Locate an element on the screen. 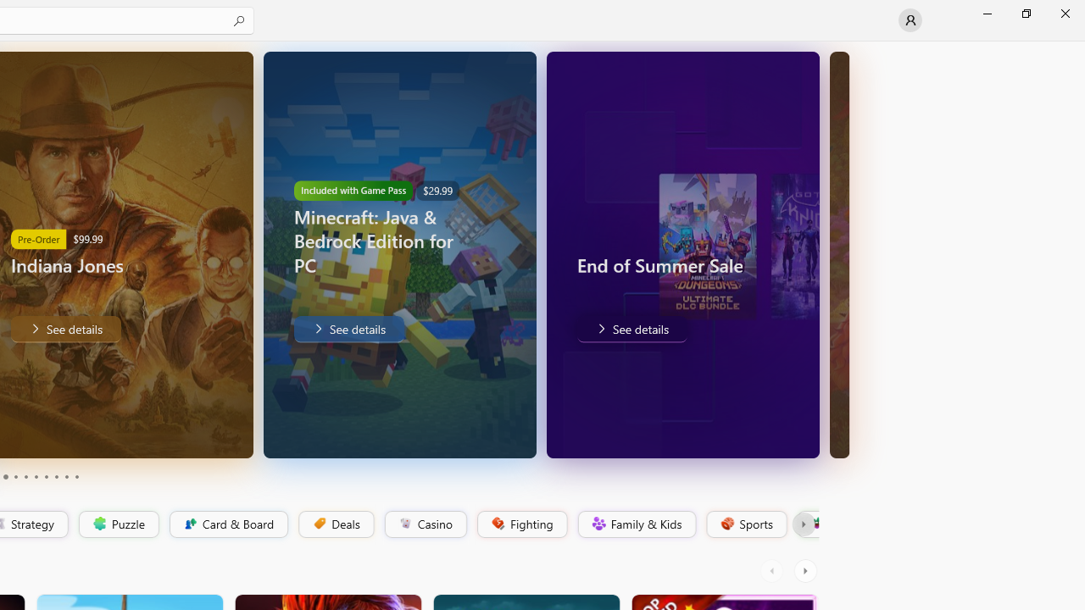 The image size is (1085, 610). 'Deals' is located at coordinates (335, 524).